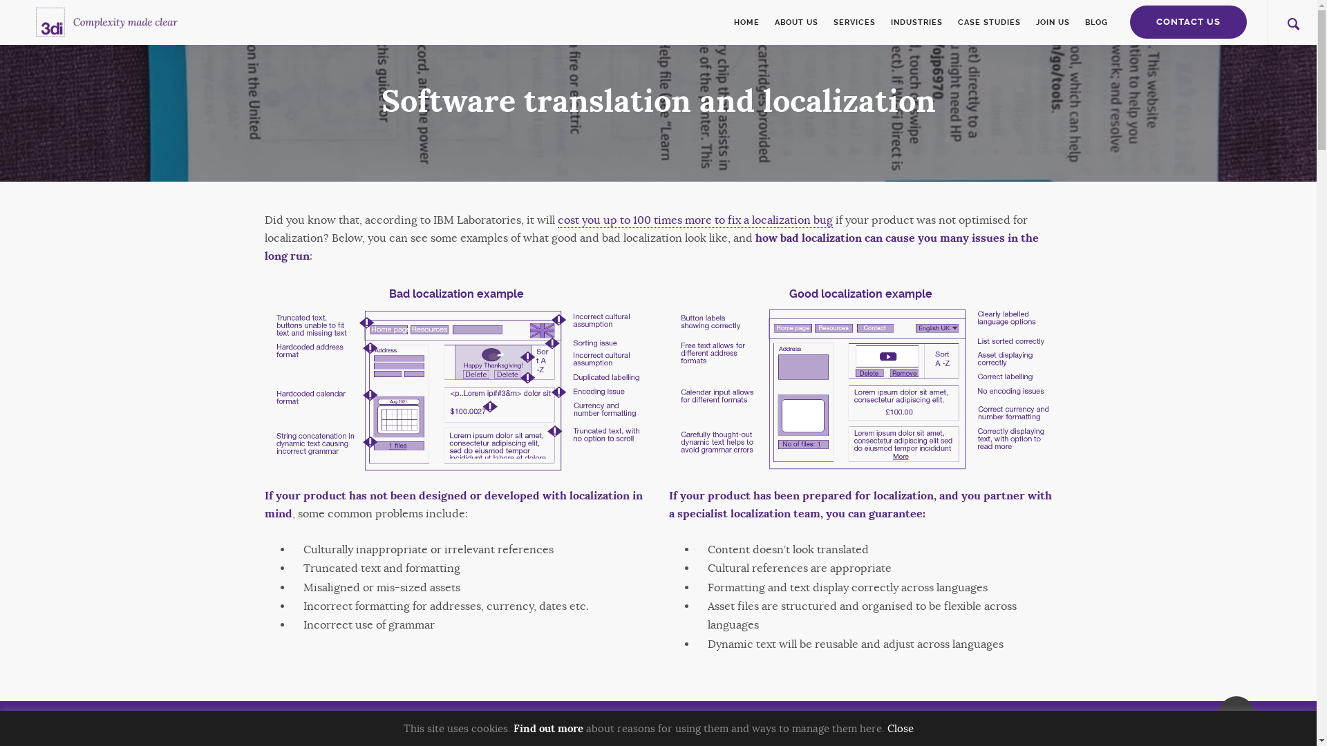 The image size is (1327, 746). Describe the element at coordinates (1091, 22) in the screenshot. I see `'BLOG'` at that location.